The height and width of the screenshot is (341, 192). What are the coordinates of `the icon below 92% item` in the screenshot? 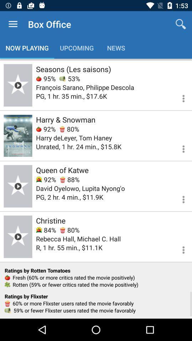 It's located at (80, 188).